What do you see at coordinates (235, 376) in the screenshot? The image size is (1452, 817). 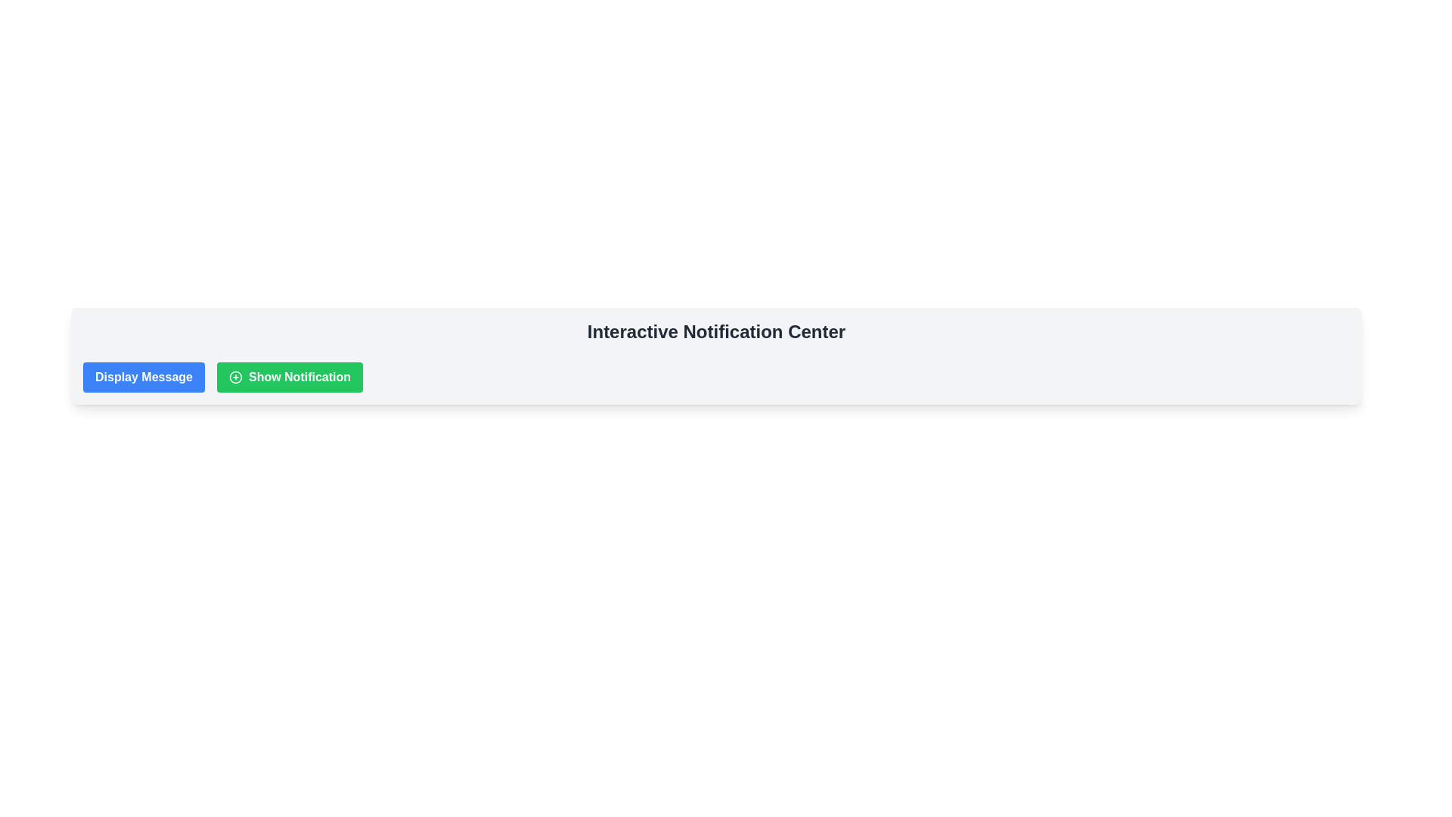 I see `SVG Circle element that serves as the boundary for the plus icon within the 'Show Notification' button` at bounding box center [235, 376].